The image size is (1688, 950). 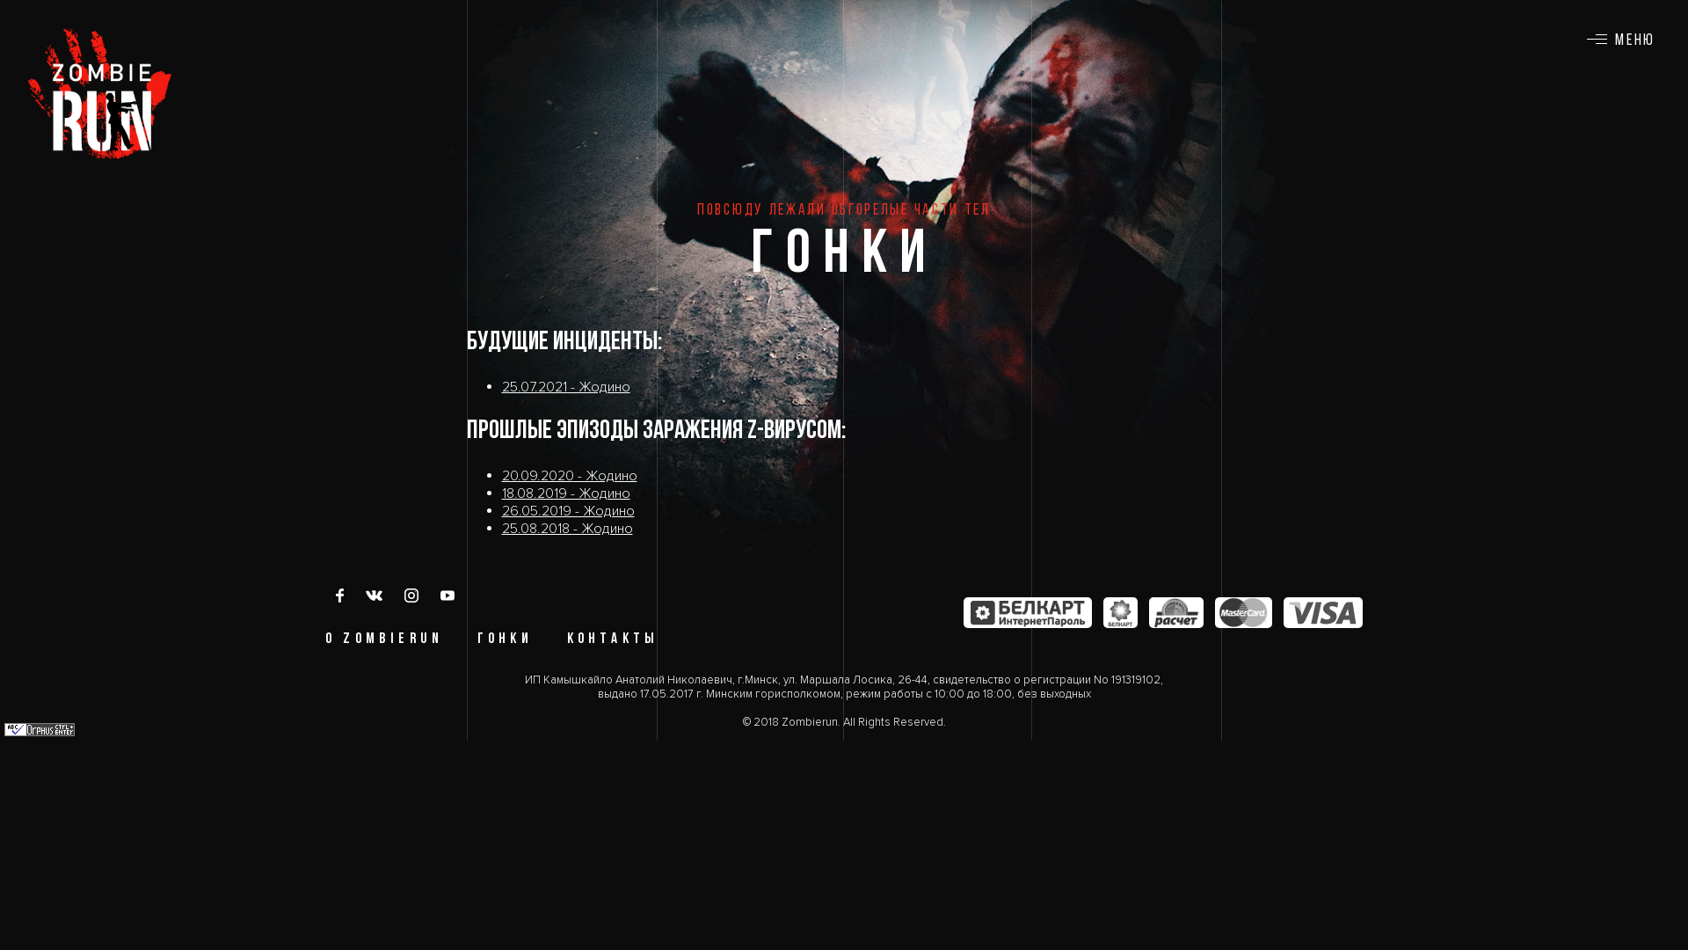 I want to click on 'YouTube', so click(x=447, y=595).